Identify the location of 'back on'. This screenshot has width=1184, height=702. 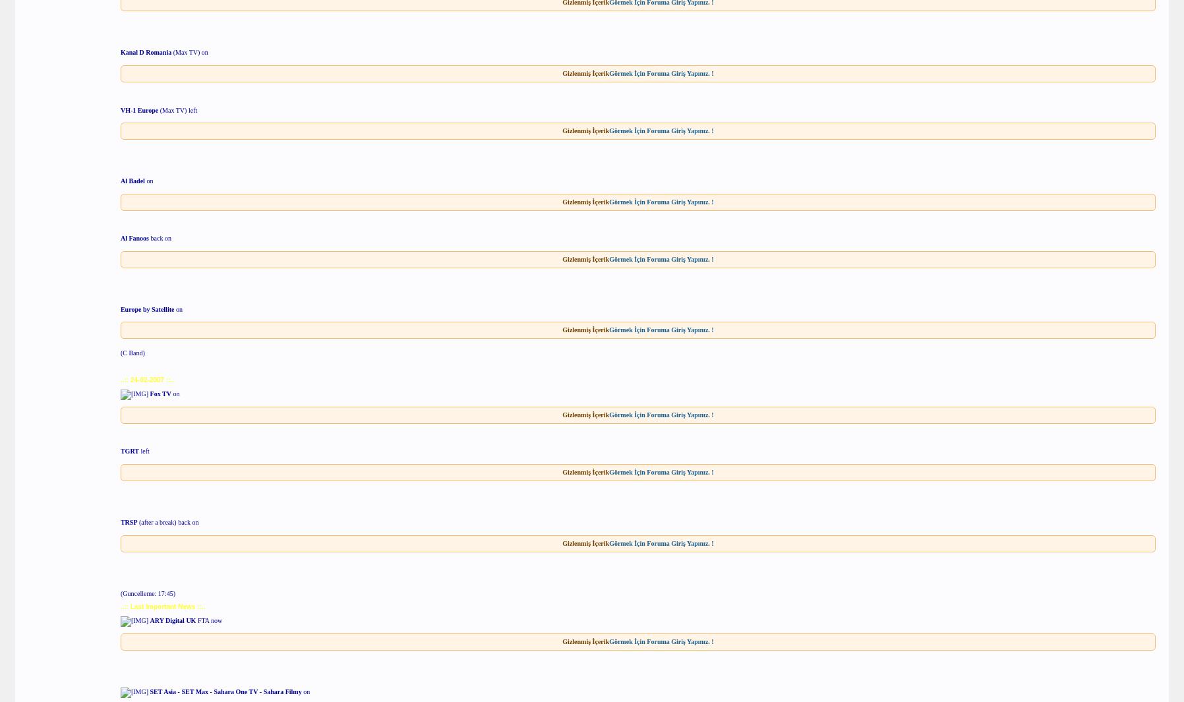
(148, 237).